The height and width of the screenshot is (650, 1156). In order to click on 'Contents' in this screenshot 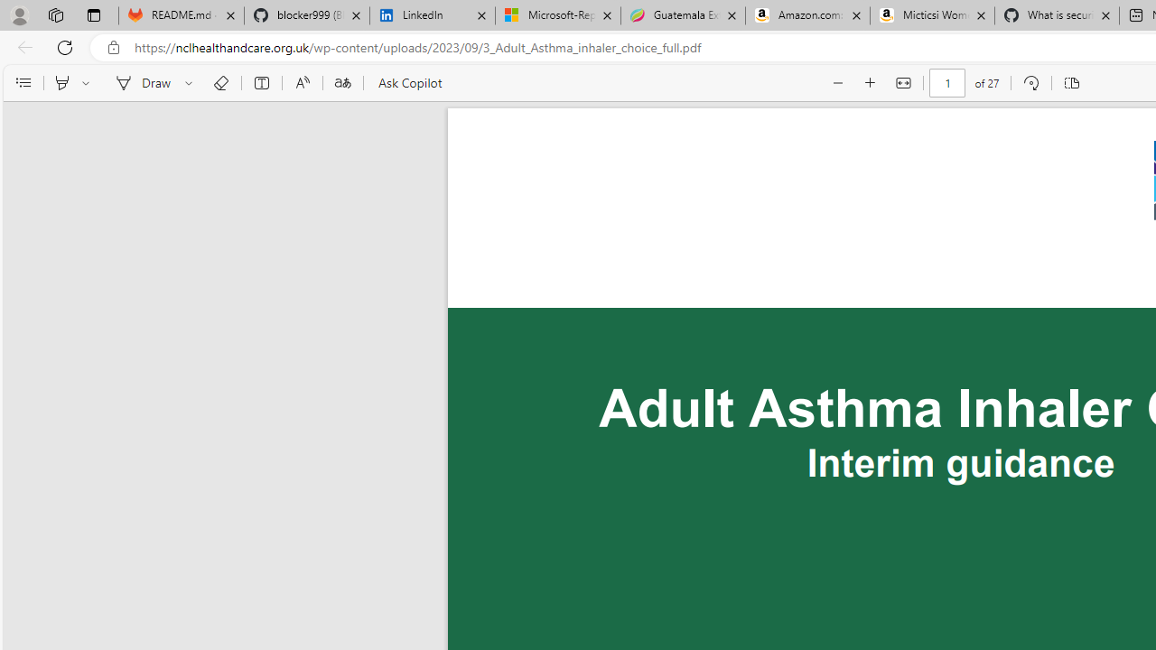, I will do `click(23, 83)`.